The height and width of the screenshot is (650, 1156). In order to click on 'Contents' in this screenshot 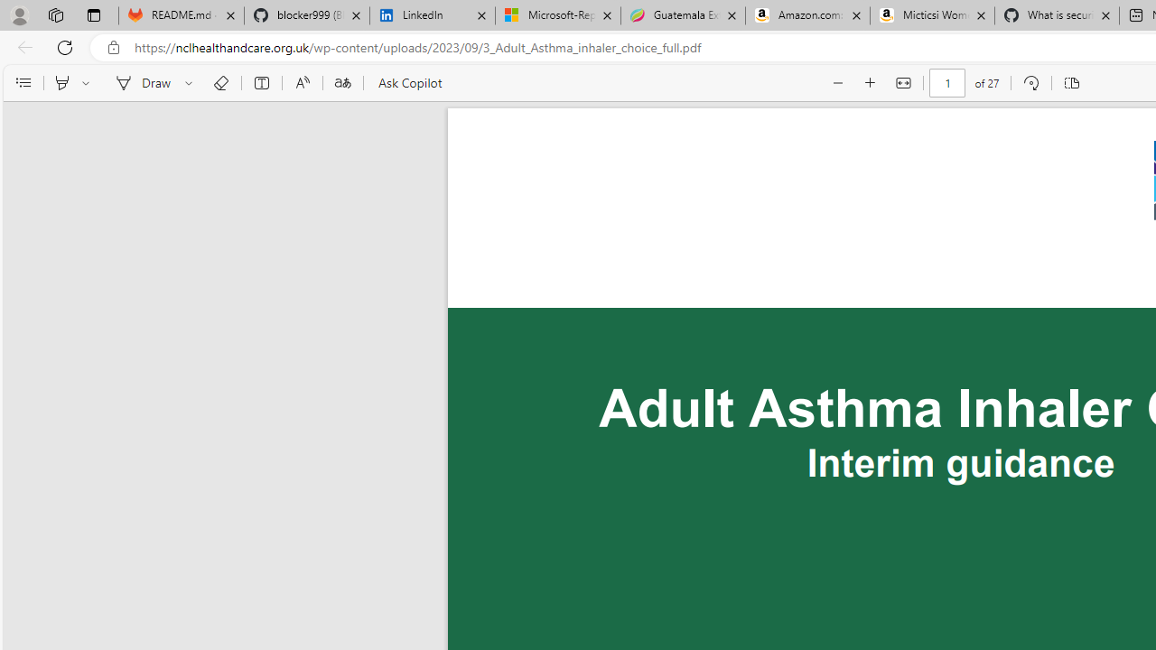, I will do `click(23, 83)`.